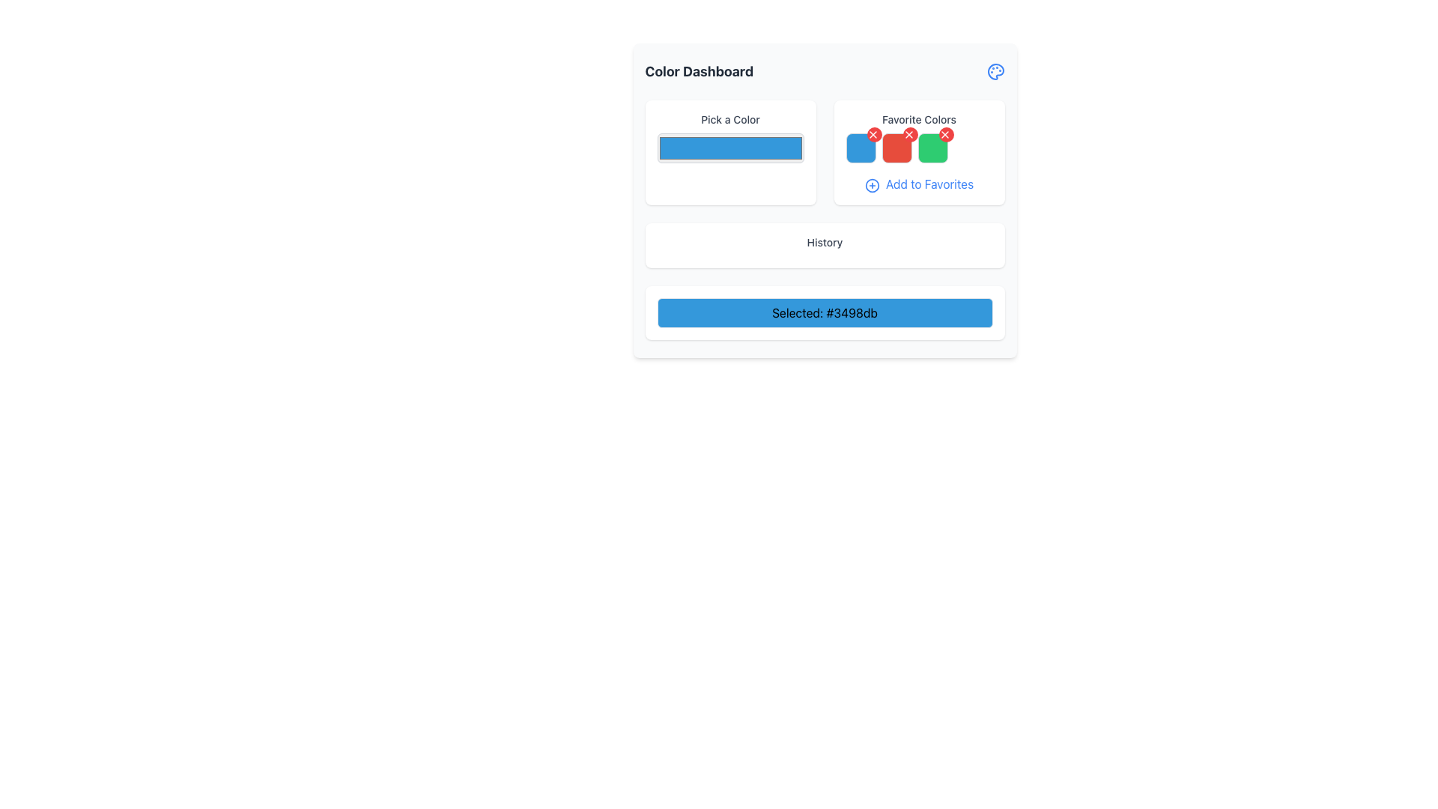  Describe the element at coordinates (897, 148) in the screenshot. I see `the second favorite color box in the 'Favorite Colors' section to select or remove the corresponding color` at that location.